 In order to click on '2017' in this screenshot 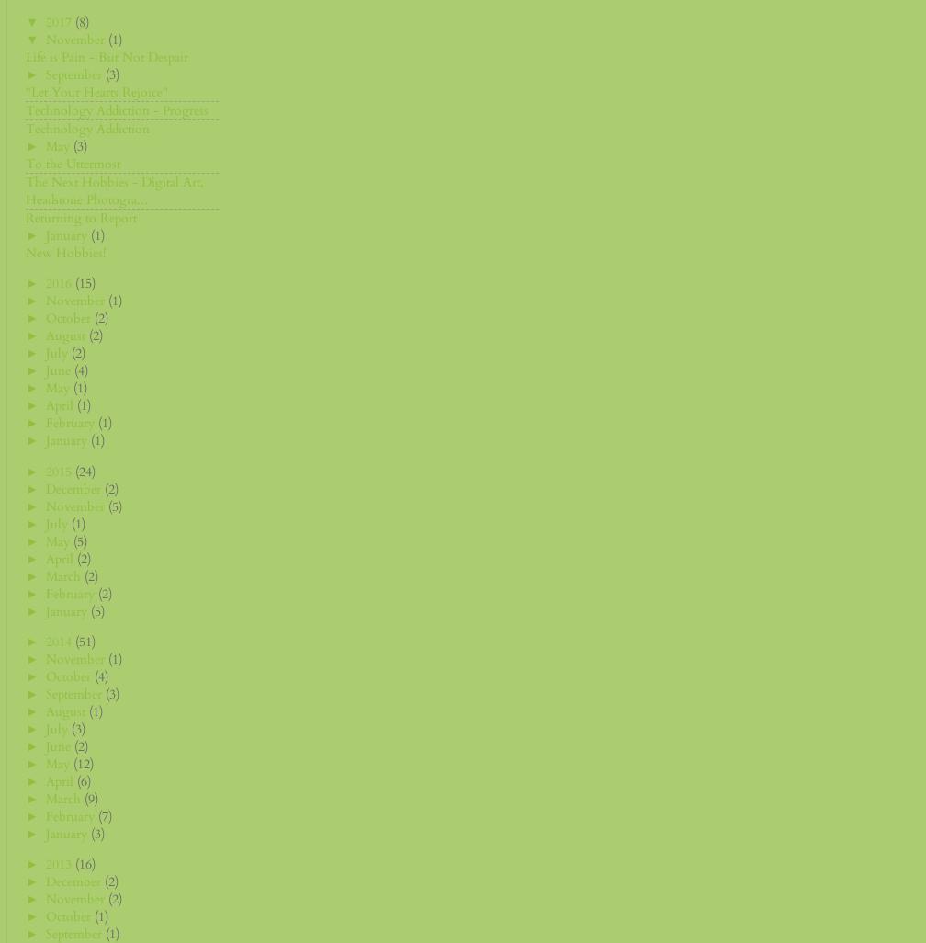, I will do `click(61, 21)`.